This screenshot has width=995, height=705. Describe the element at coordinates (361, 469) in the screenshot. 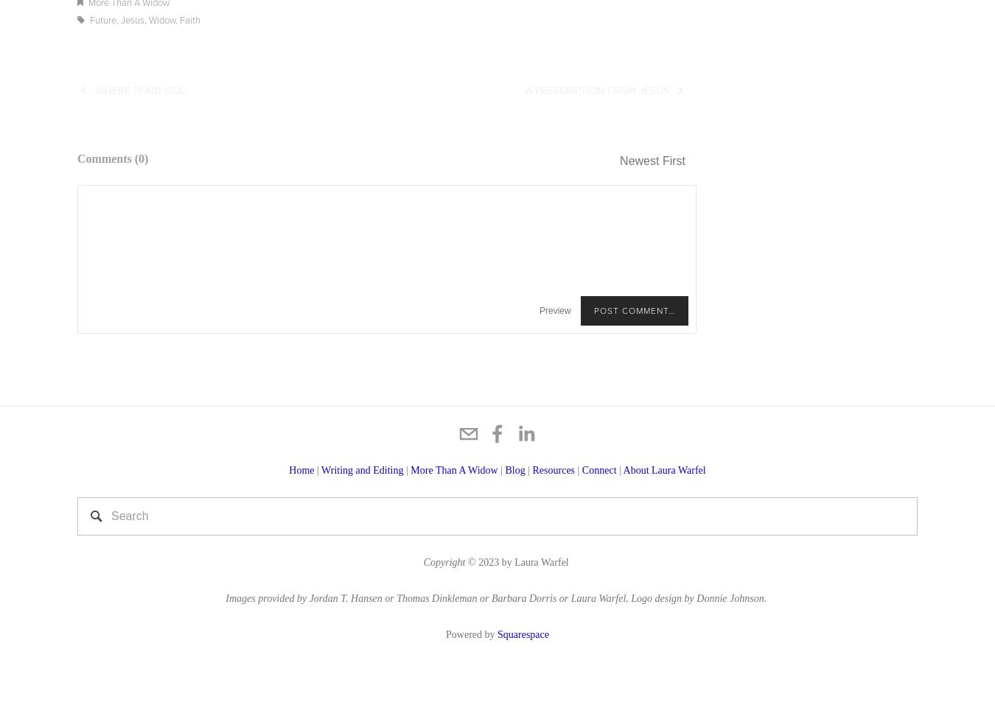

I see `'Writing and Editing'` at that location.